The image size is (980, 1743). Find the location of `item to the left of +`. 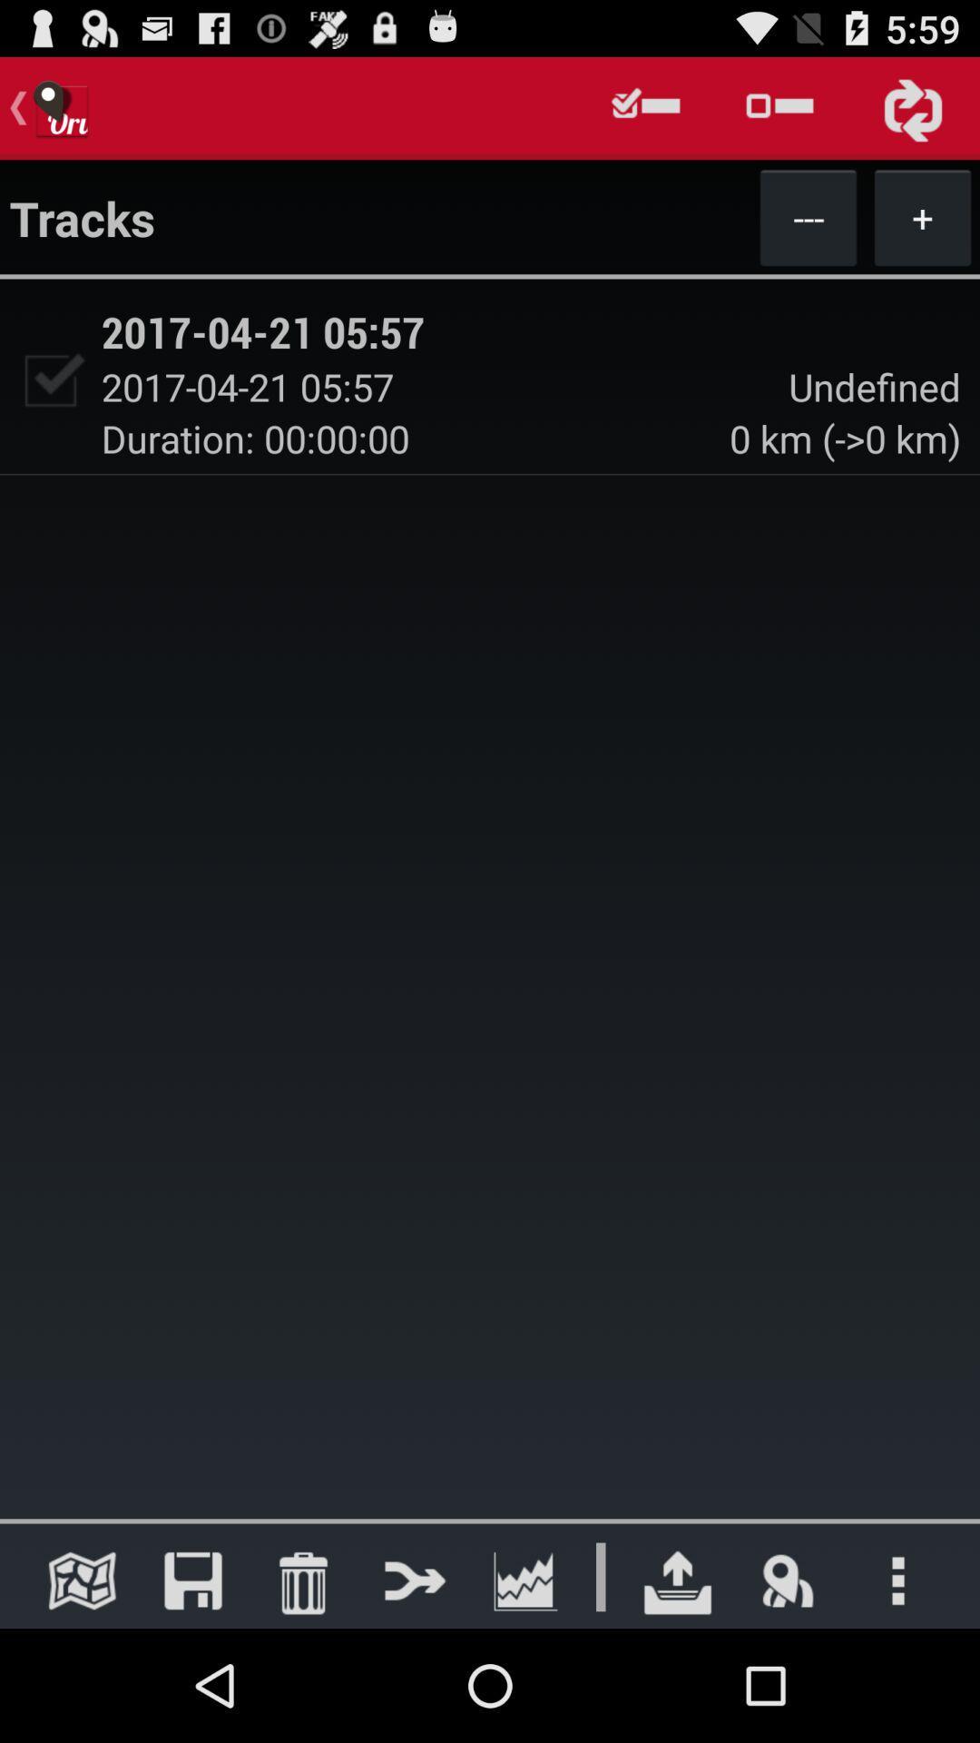

item to the left of + is located at coordinates (808, 217).